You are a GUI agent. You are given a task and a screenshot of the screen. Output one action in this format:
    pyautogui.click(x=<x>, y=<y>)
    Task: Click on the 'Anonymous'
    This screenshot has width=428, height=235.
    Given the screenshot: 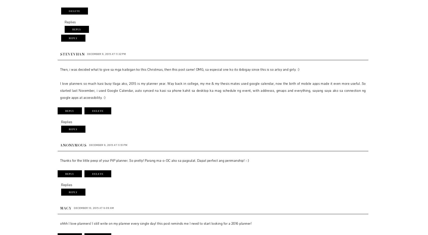 What is the action you would take?
    pyautogui.click(x=73, y=144)
    